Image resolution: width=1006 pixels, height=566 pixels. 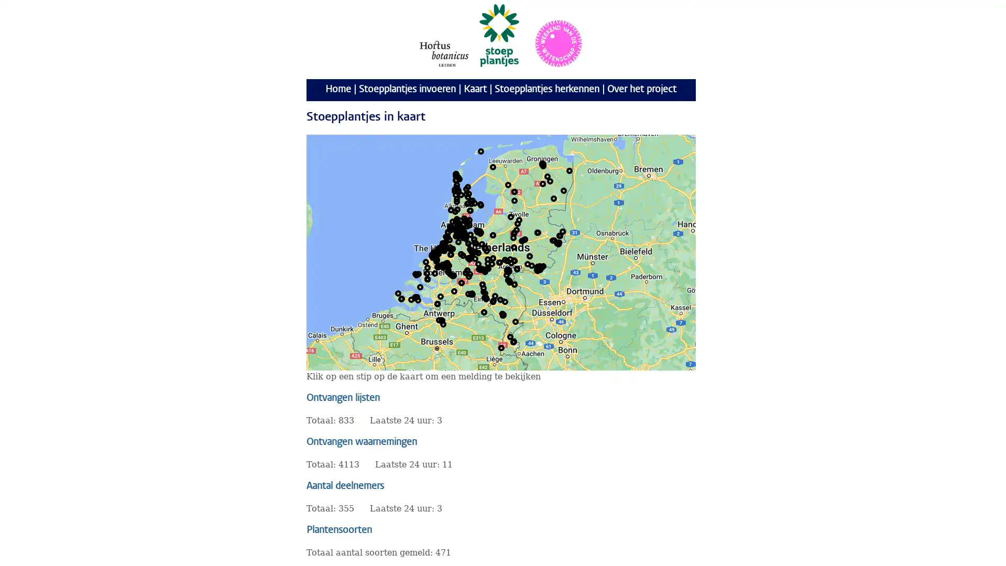 What do you see at coordinates (513, 341) in the screenshot?
I see `Telling van Anne-Mie Koopmans op 21 juni 2022` at bounding box center [513, 341].